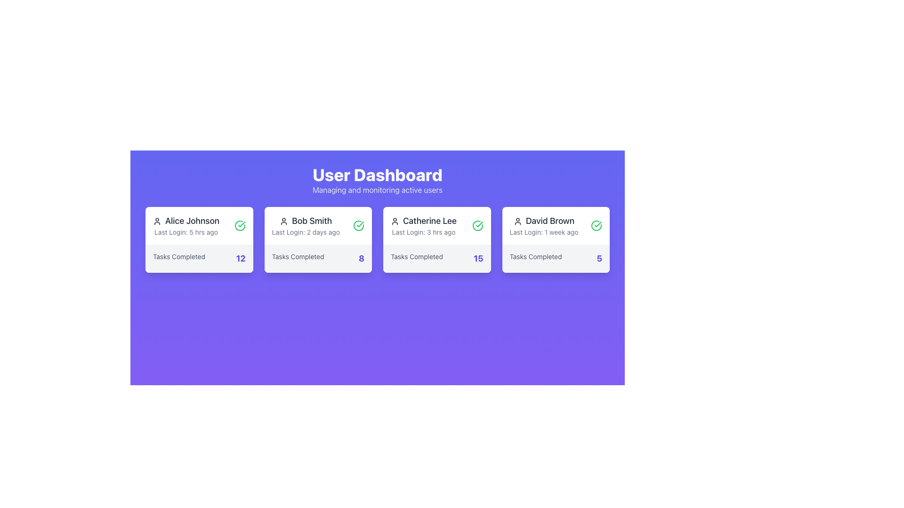 This screenshot has height=508, width=904. I want to click on the 'Tasks Completed' static information display that shows the number '5' in a bold indigo font, located at the bottom of the card associated with user 'David Brown', so click(556, 259).